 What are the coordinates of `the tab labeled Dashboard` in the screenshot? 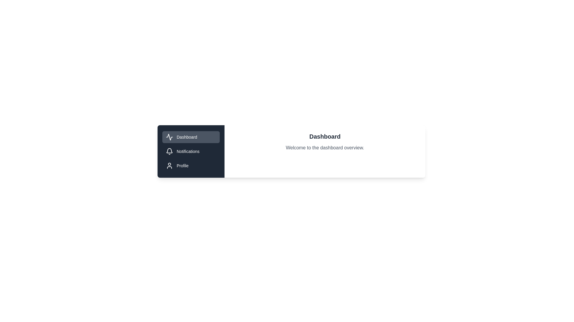 It's located at (190, 137).